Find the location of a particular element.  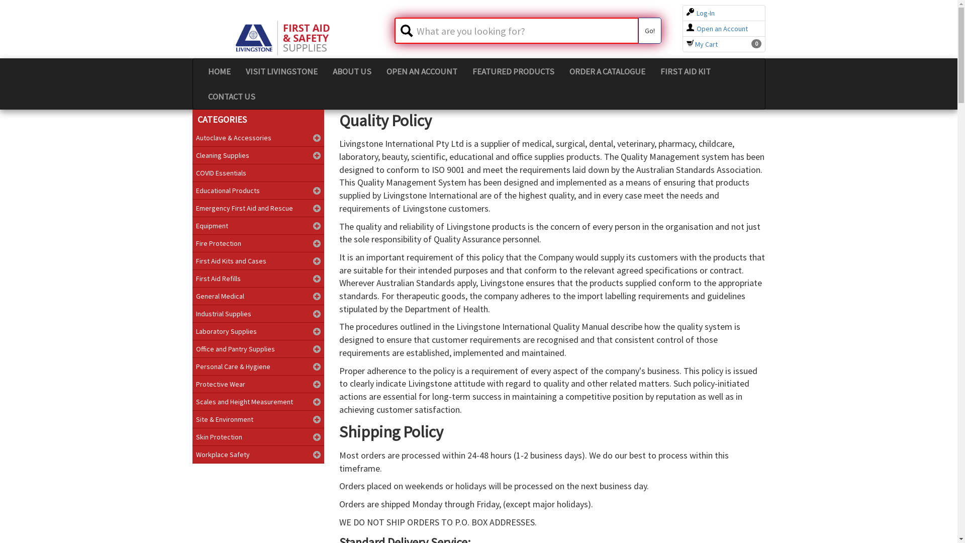

'Industrial Supplies' is located at coordinates (258, 313).